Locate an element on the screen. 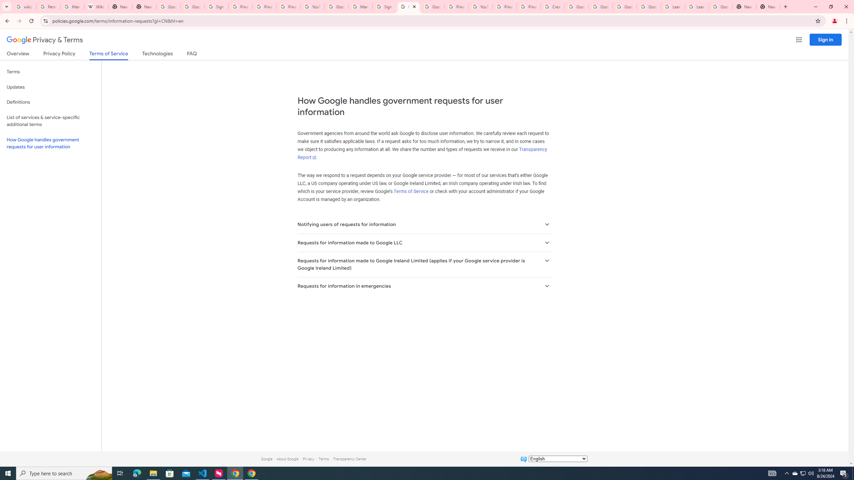  'Google Account Help' is located at coordinates (600, 6).